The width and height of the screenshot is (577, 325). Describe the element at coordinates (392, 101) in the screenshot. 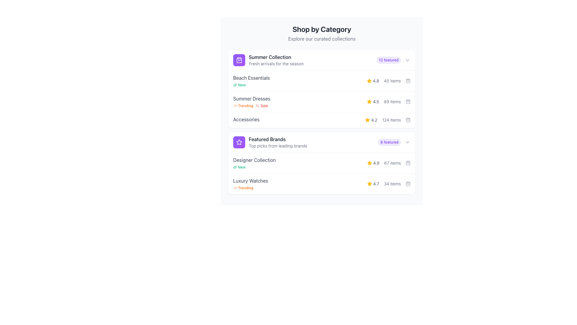

I see `informational text displaying the count of items available under the 'Summer Dresses' category, located in the rightmost part of the horizontal section below the 'Summer Dresses' title` at that location.